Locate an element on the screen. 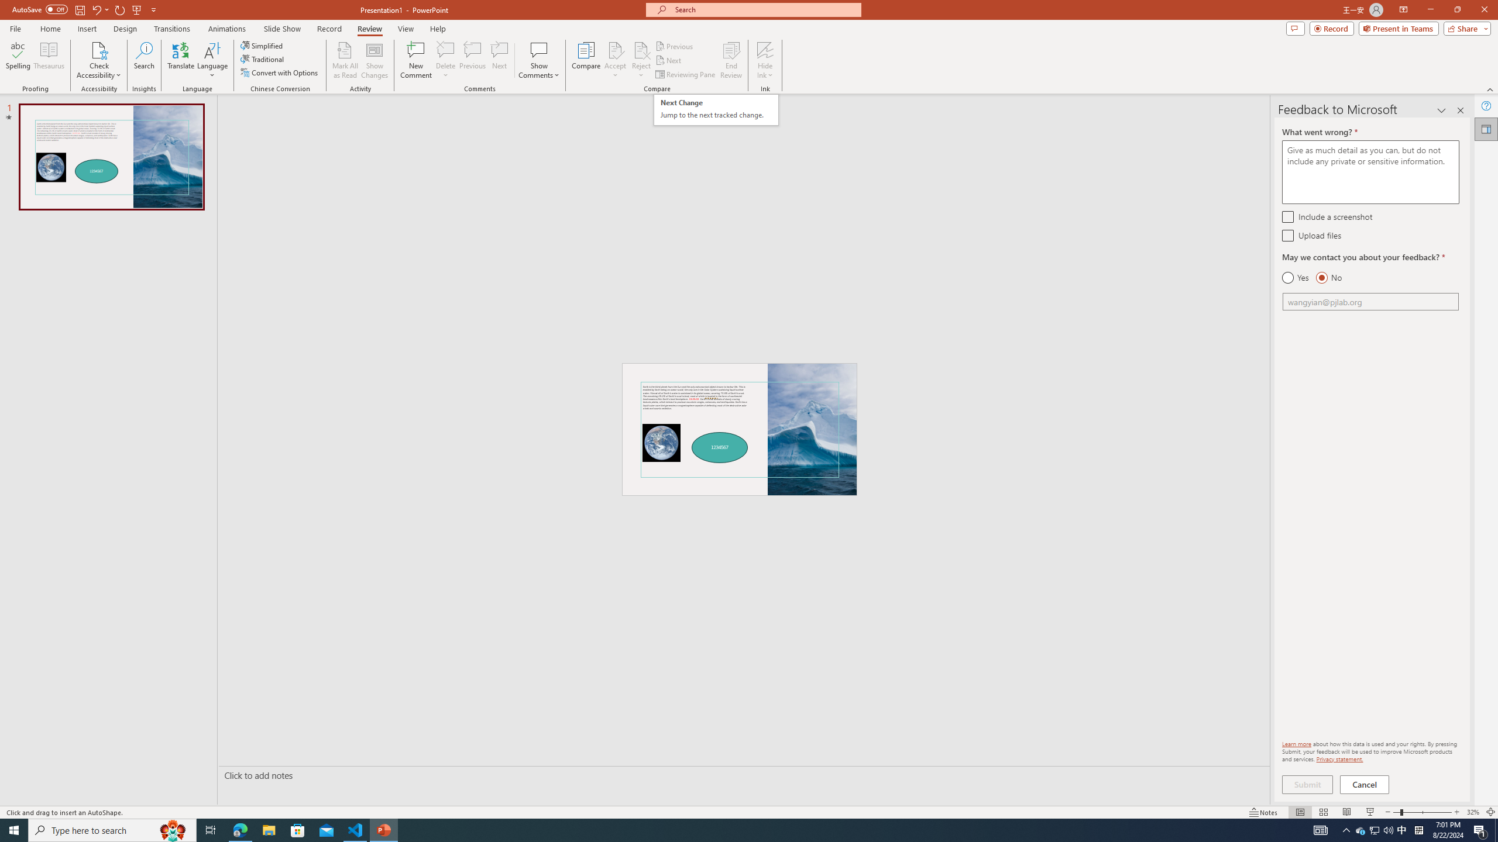 Image resolution: width=1498 pixels, height=842 pixels. 'Zoom 32%' is located at coordinates (1472, 812).